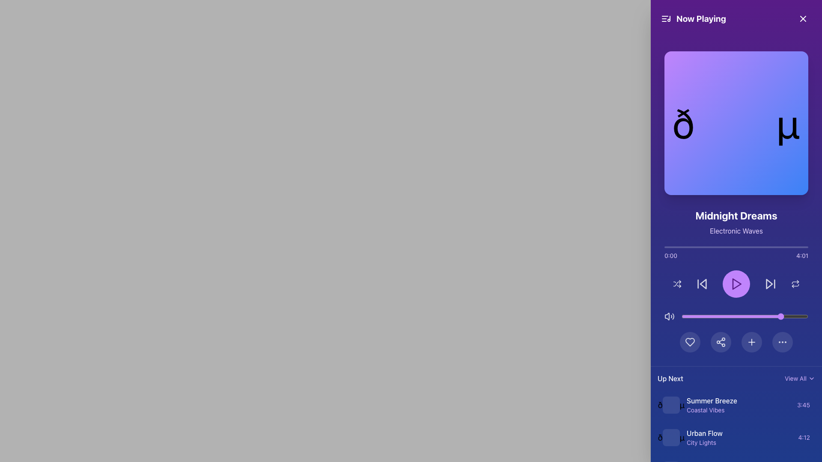  Describe the element at coordinates (783, 341) in the screenshot. I see `the Icon Button consisting of three vertically aligned dots, located near the bottom-right of the interface, to receive a tooltip if available` at that location.